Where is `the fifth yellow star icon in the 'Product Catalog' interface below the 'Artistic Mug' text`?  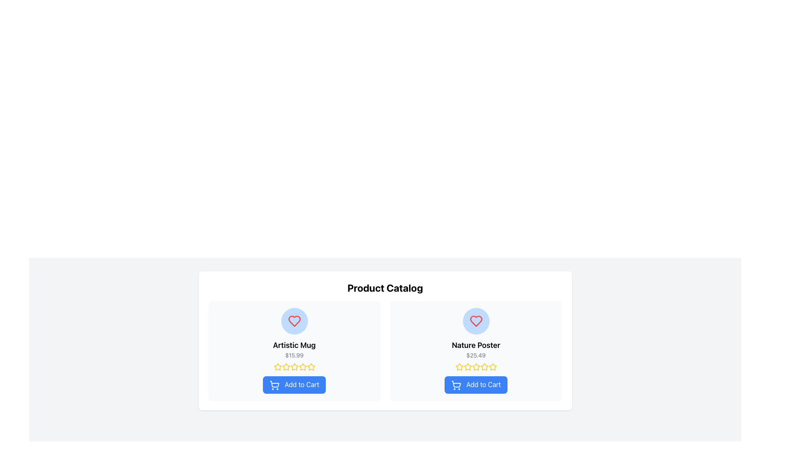
the fifth yellow star icon in the 'Product Catalog' interface below the 'Artistic Mug' text is located at coordinates (302, 366).